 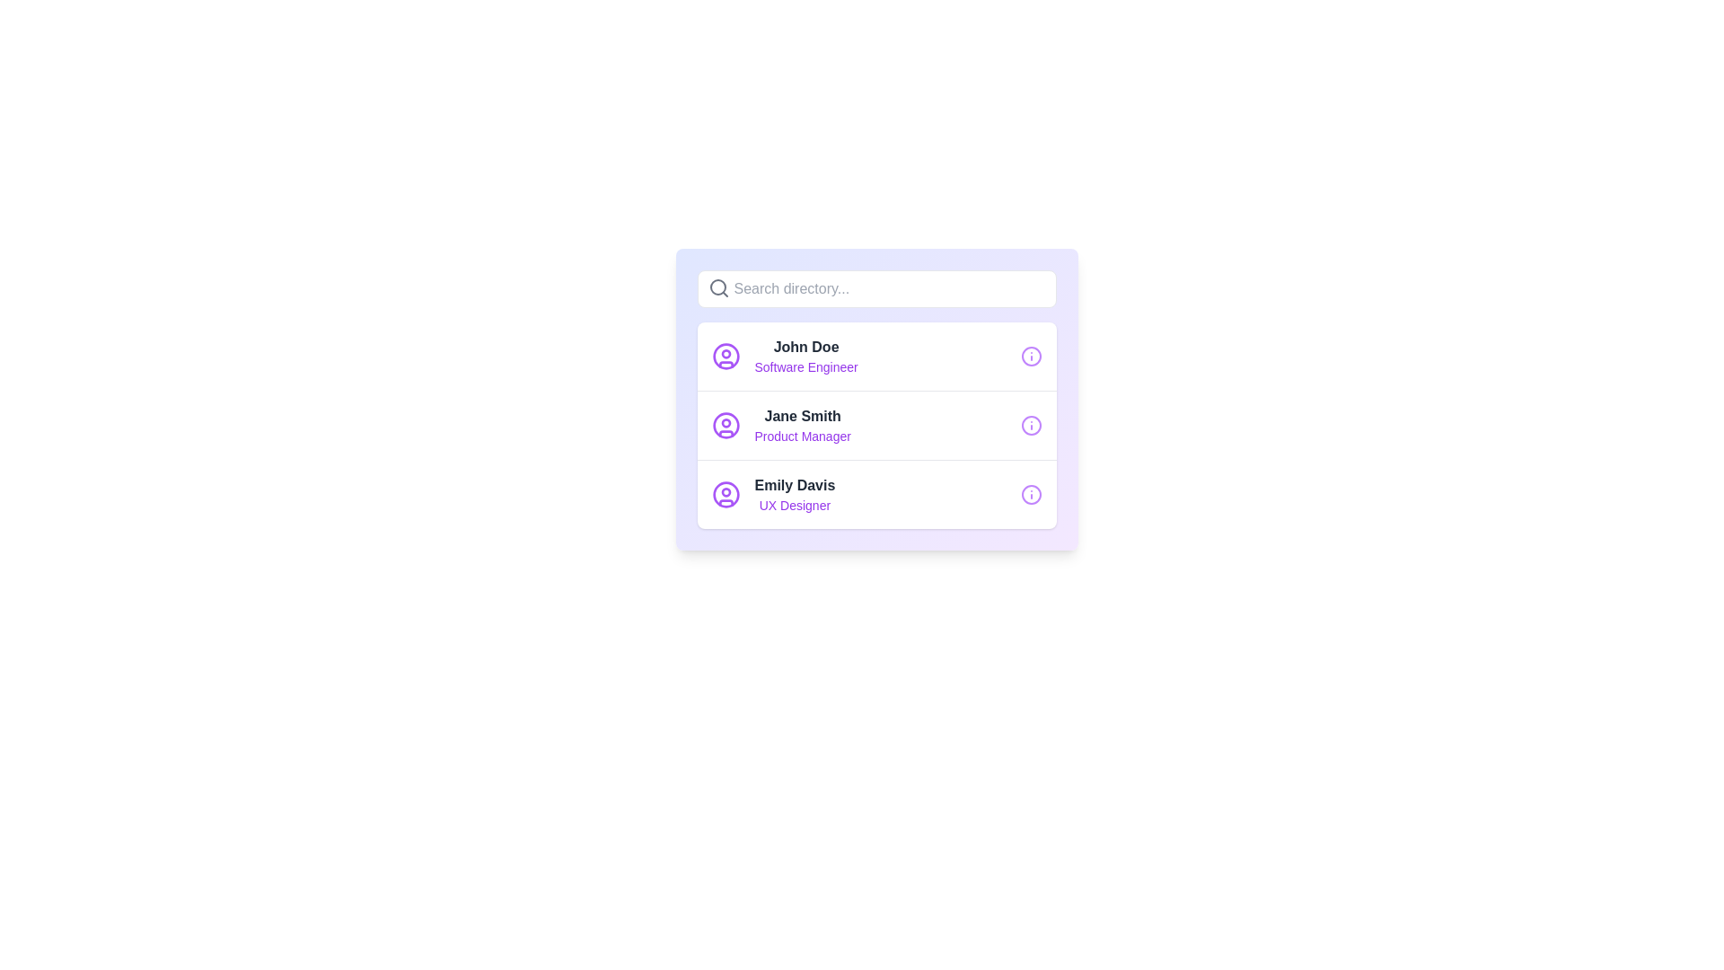 What do you see at coordinates (1031, 357) in the screenshot?
I see `the circular graphic component in the SVG icon associated with the 'John Doe' entry in the directory list` at bounding box center [1031, 357].